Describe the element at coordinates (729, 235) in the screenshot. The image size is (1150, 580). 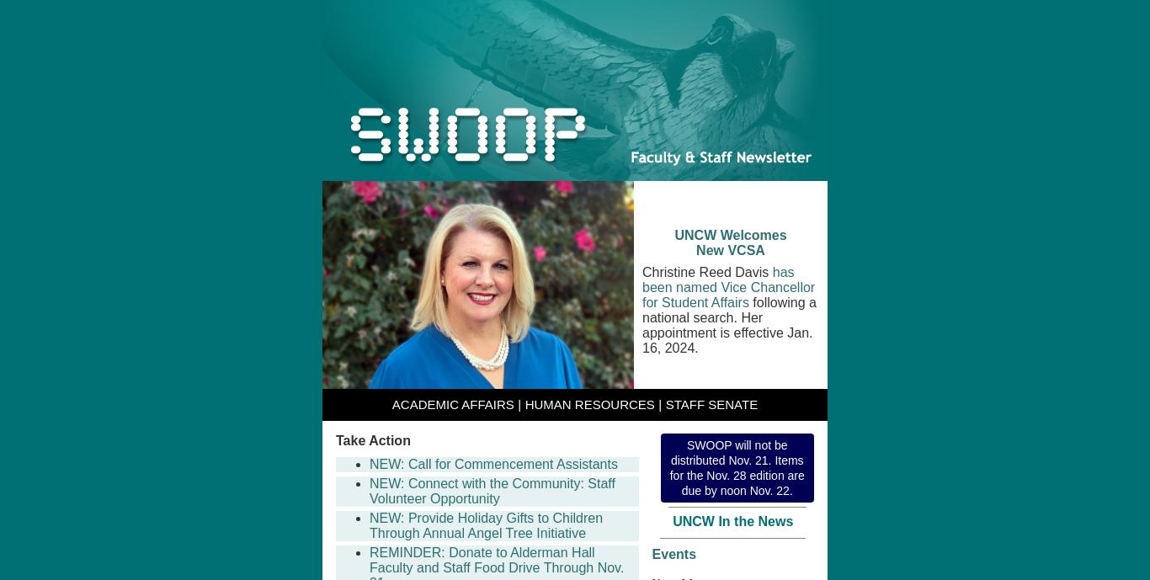
I see `'UNCW Welcomes'` at that location.